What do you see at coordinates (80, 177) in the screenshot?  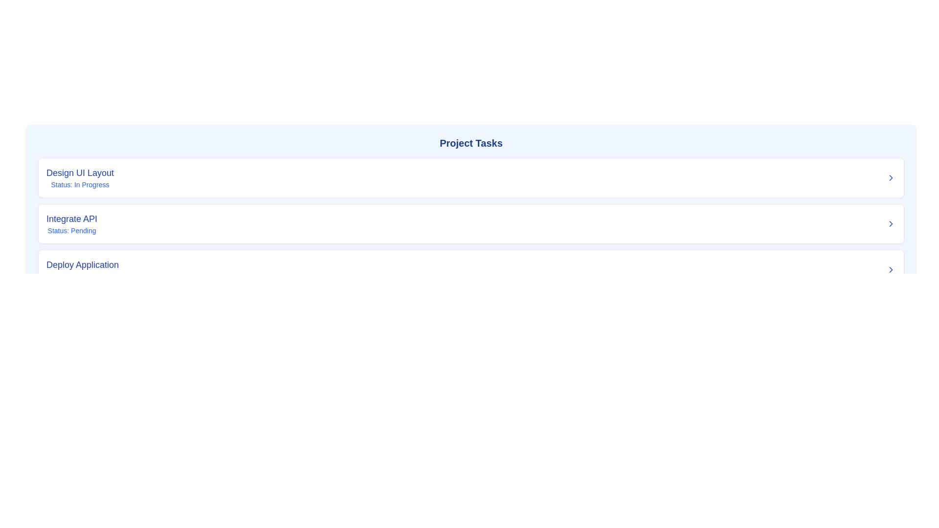 I see `text displayed in the title of the task ('Design UI Layout') and its current status ('In Progress') in the first row of task cards under the 'Project Tasks' section` at bounding box center [80, 177].